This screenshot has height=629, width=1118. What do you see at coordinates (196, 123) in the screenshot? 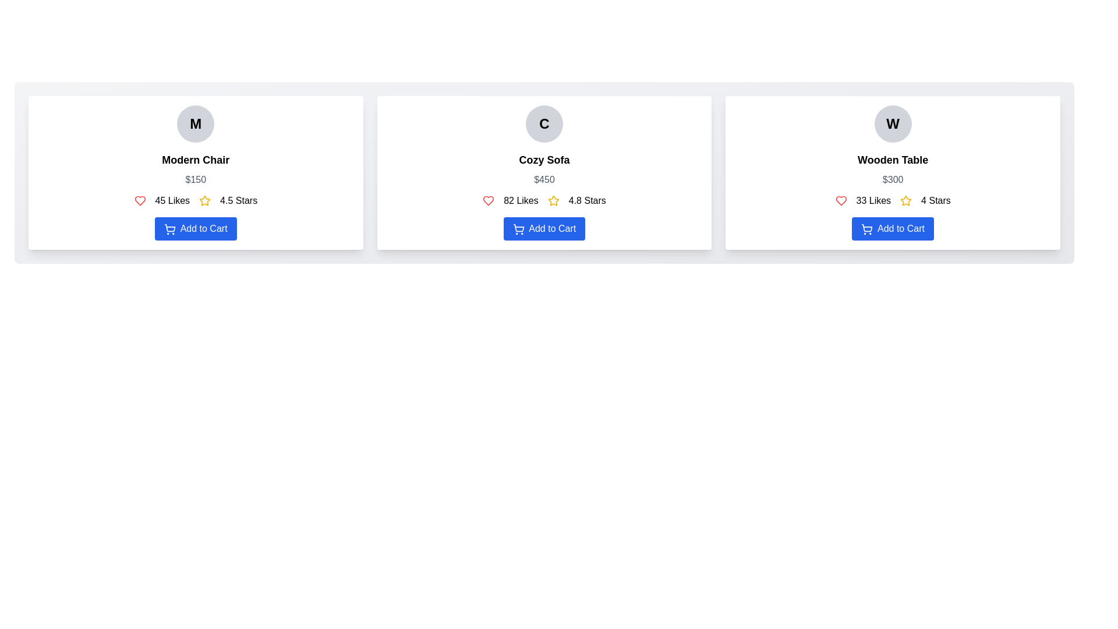
I see `the circular icon with a light gray background and the letter 'M' in dark font, located at the top-center of the card presenting the 'Modern Chair' product` at bounding box center [196, 123].